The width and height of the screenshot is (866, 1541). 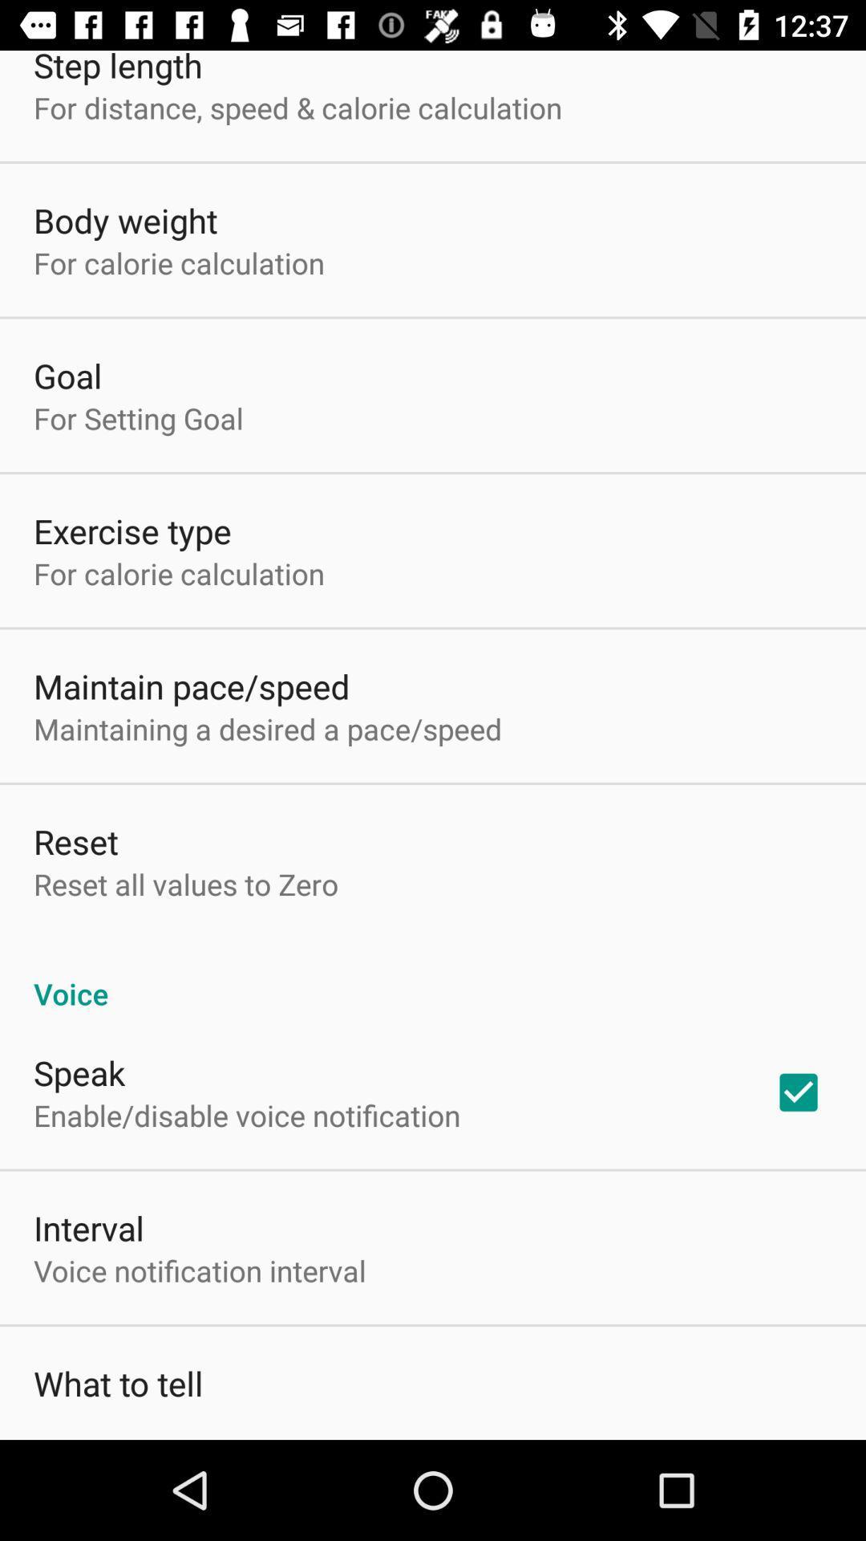 I want to click on the checkbox at the bottom right corner, so click(x=798, y=1092).